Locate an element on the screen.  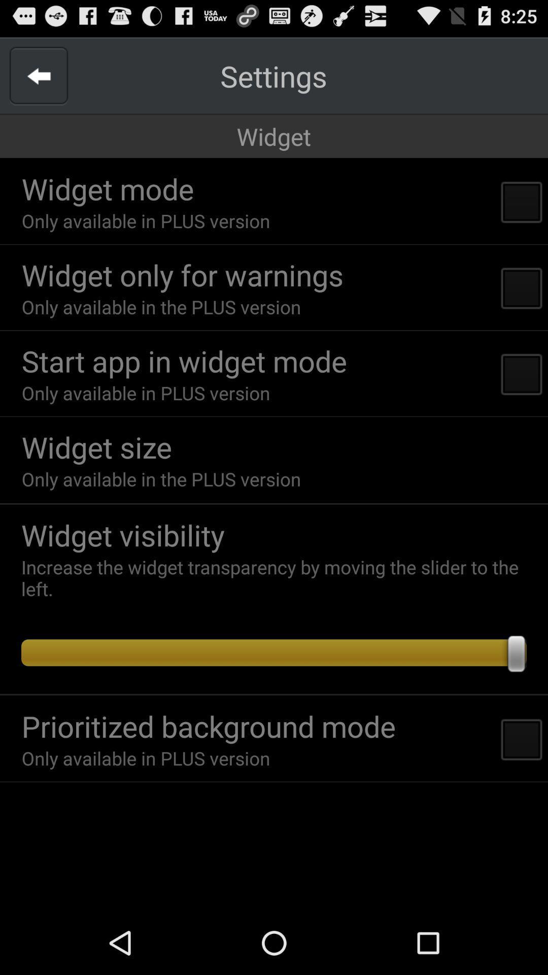
the item above widget visibility item is located at coordinates (274, 504).